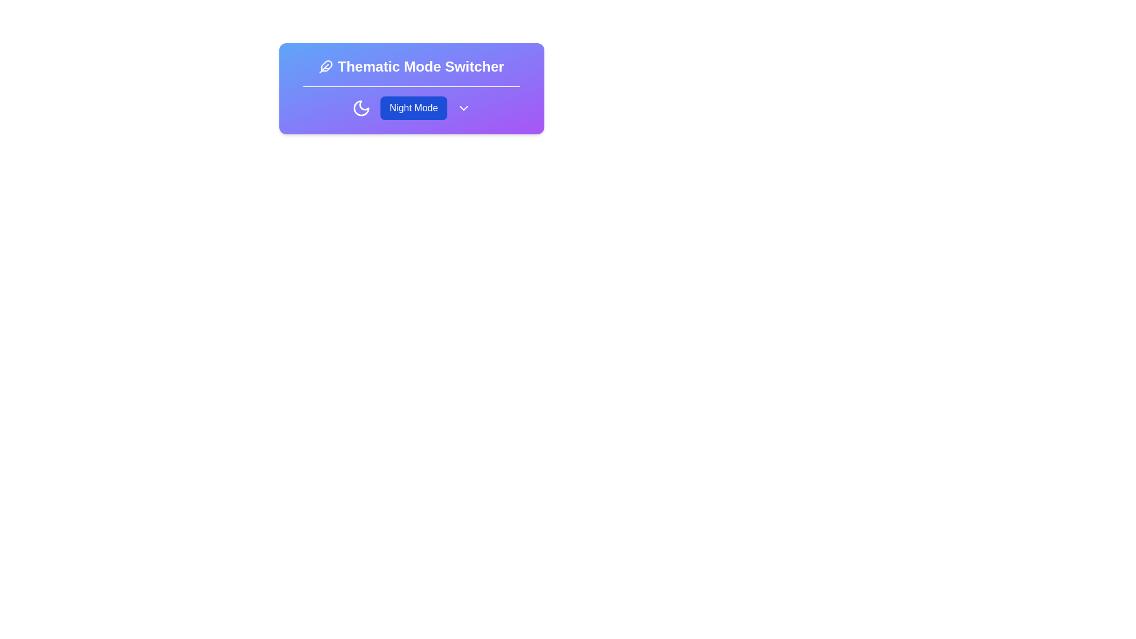  What do you see at coordinates (411, 108) in the screenshot?
I see `the button located below the text 'Thematic Mode Switcher'` at bounding box center [411, 108].